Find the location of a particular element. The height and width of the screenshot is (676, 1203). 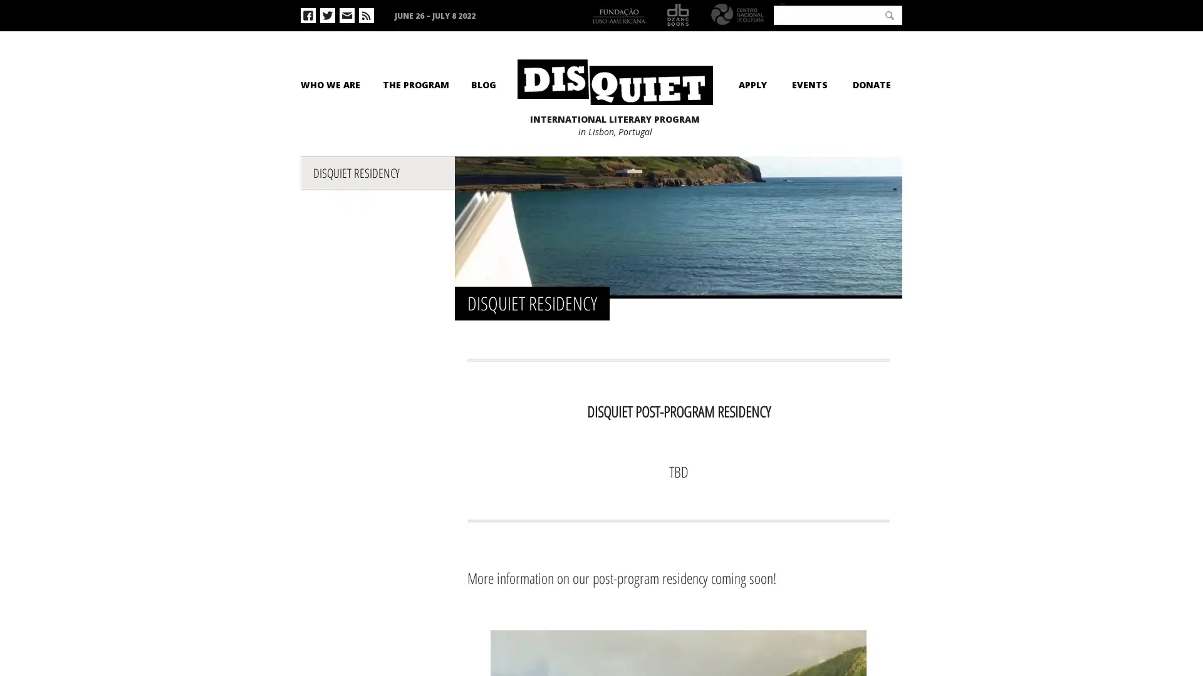

Search is located at coordinates (889, 14).